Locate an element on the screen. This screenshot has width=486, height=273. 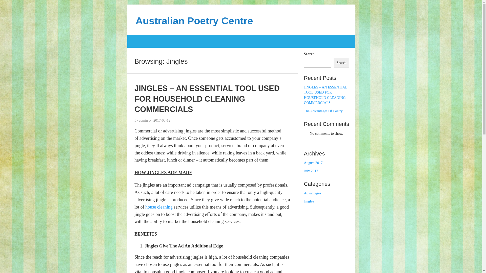
'Advantages' is located at coordinates (312, 193).